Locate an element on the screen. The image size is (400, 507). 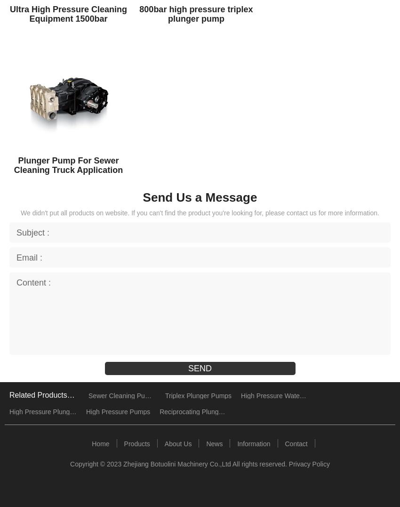
'High Pressure Plunger Pumps' is located at coordinates (8, 411).